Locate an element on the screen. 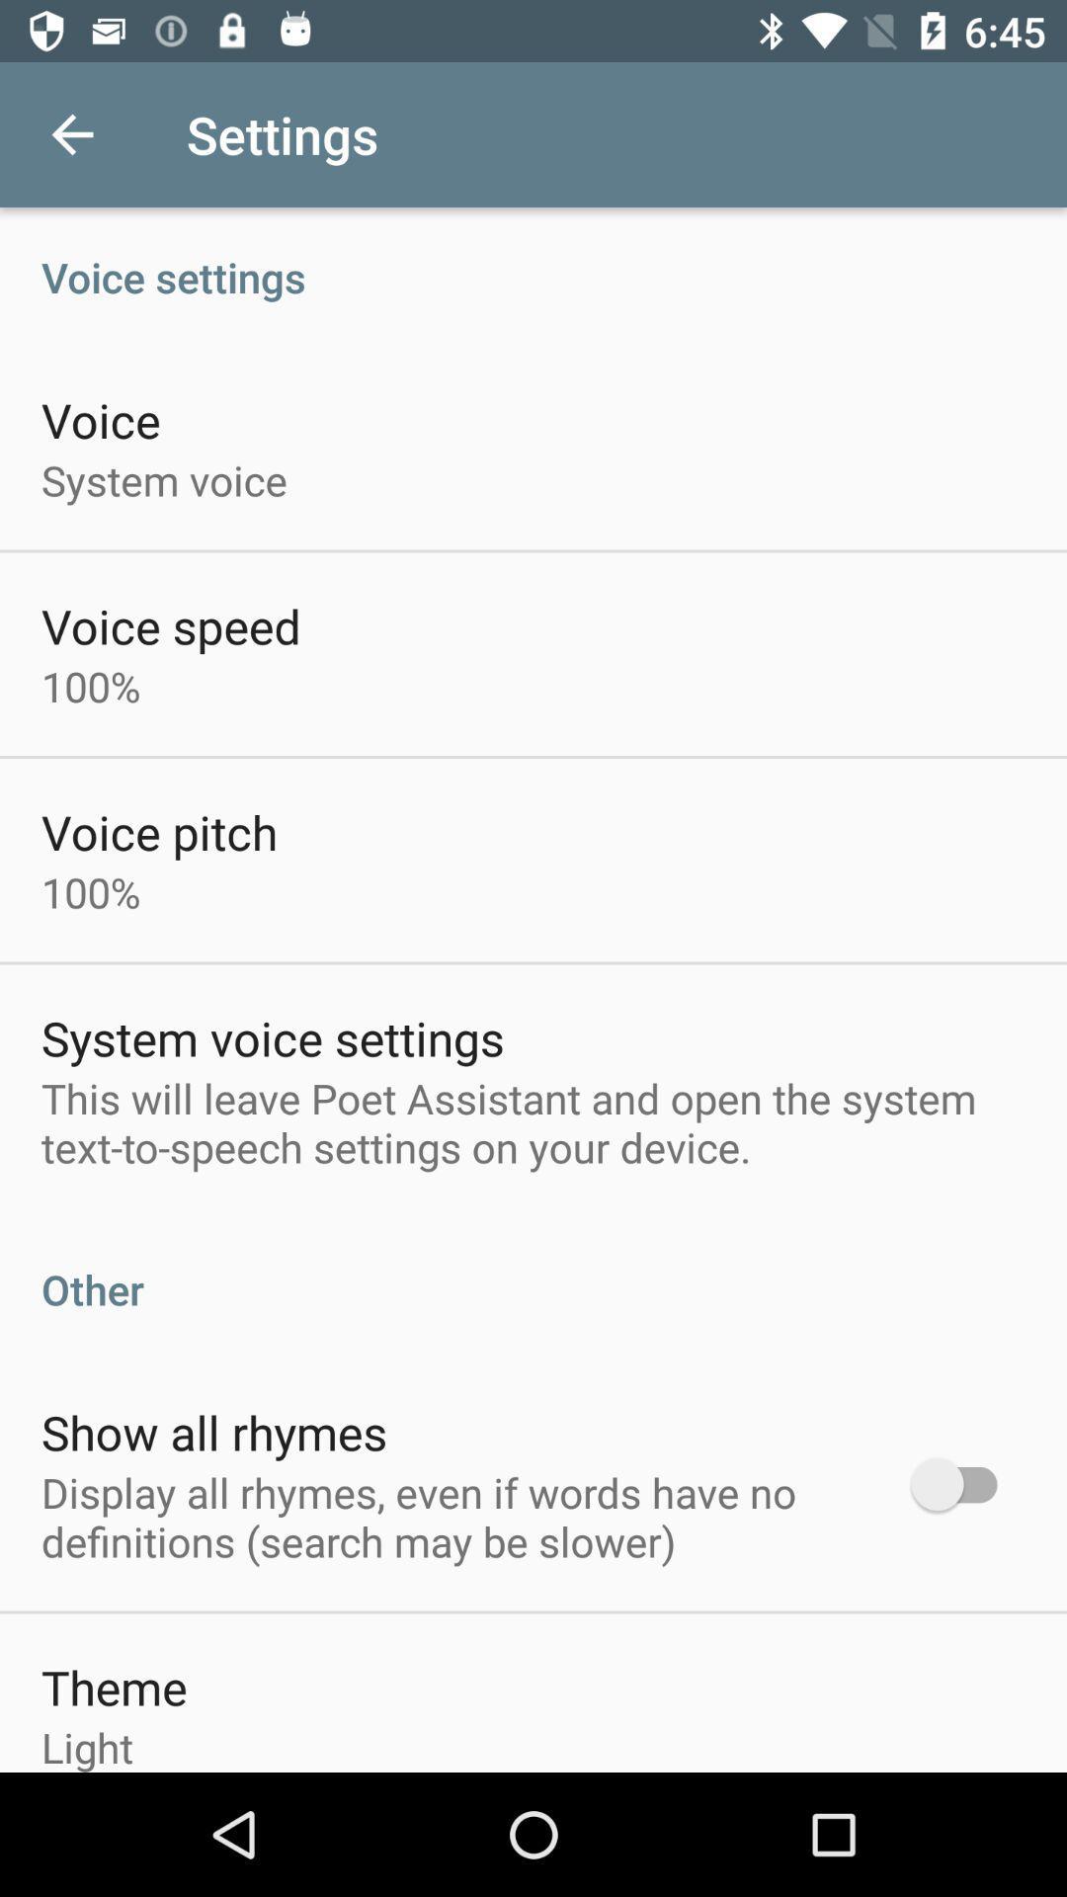  icon above the voice settings item is located at coordinates (71, 133).